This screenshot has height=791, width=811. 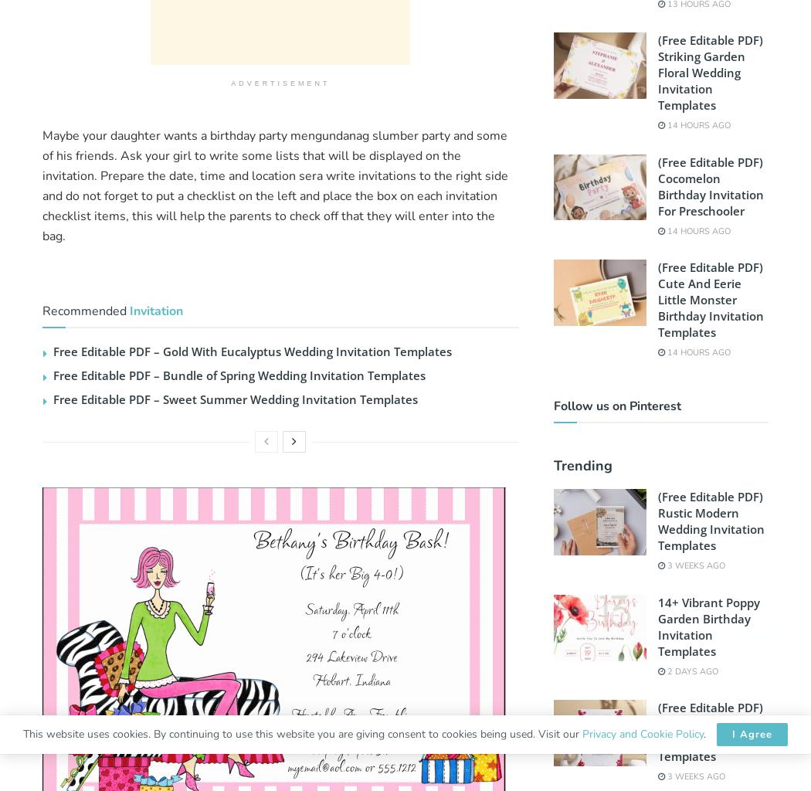 What do you see at coordinates (249, 135) in the screenshot?
I see `'birthday party'` at bounding box center [249, 135].